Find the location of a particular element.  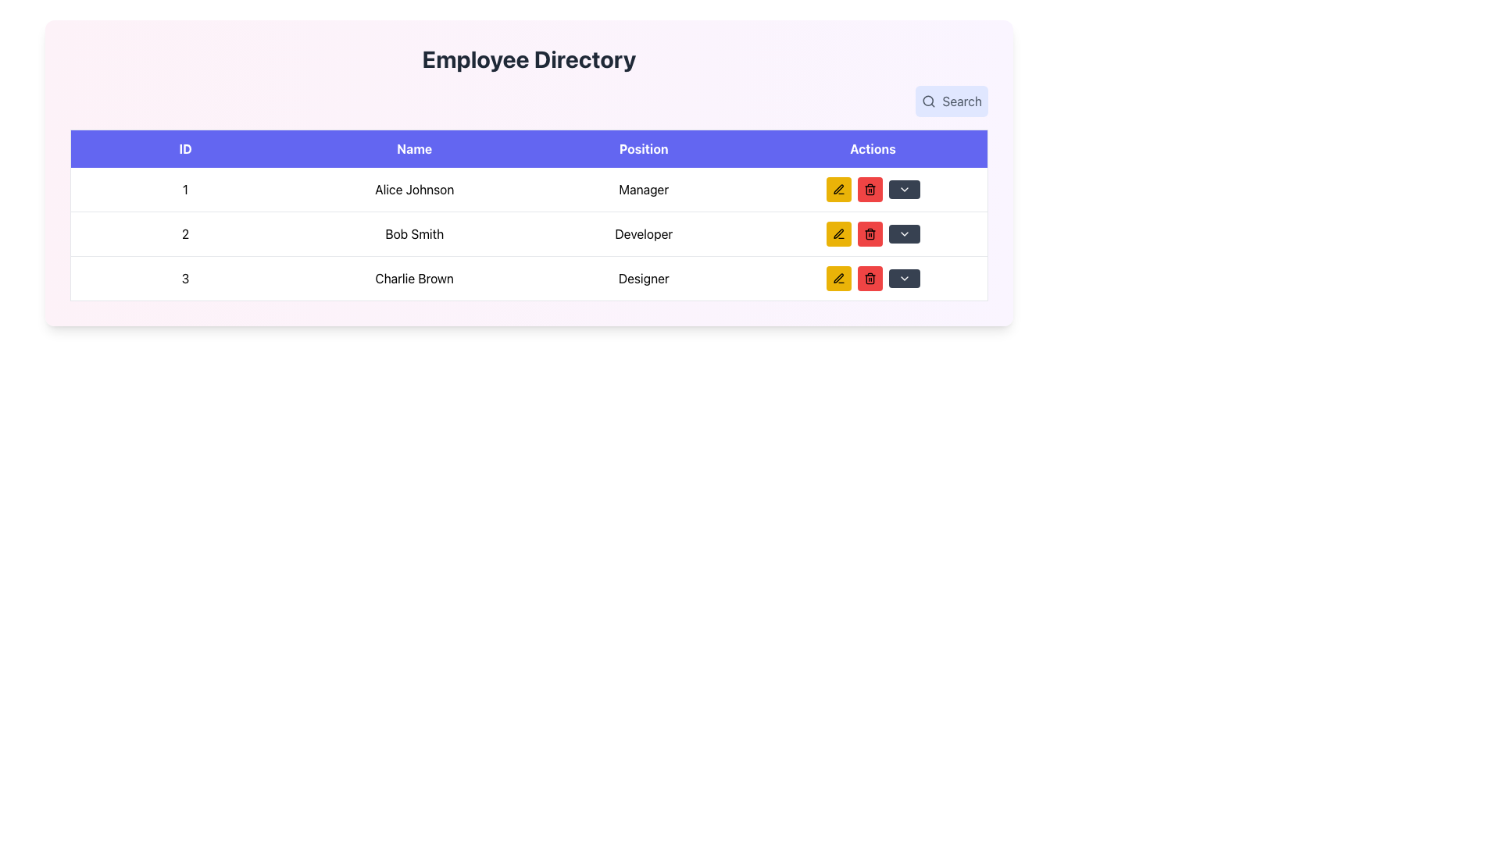

the dark gray rectangular Dropdown toggle button with a white downward-pointing chevron icon in the 'Employee Directory' interface is located at coordinates (904, 189).